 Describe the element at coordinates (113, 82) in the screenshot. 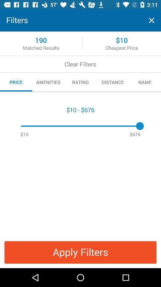

I see `item next to the rating` at that location.